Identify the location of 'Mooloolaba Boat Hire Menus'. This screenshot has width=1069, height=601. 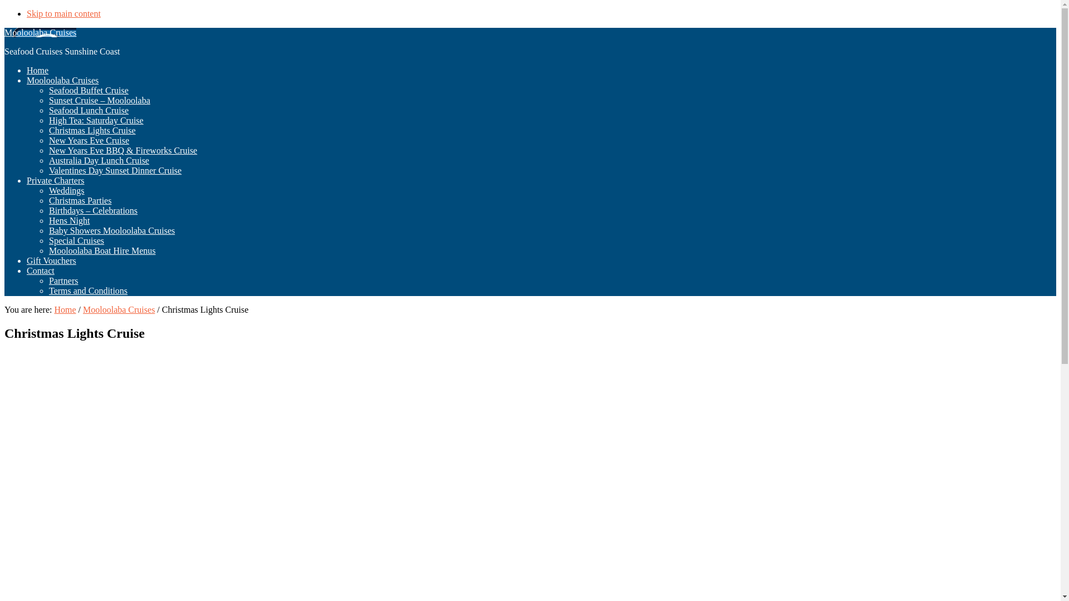
(102, 250).